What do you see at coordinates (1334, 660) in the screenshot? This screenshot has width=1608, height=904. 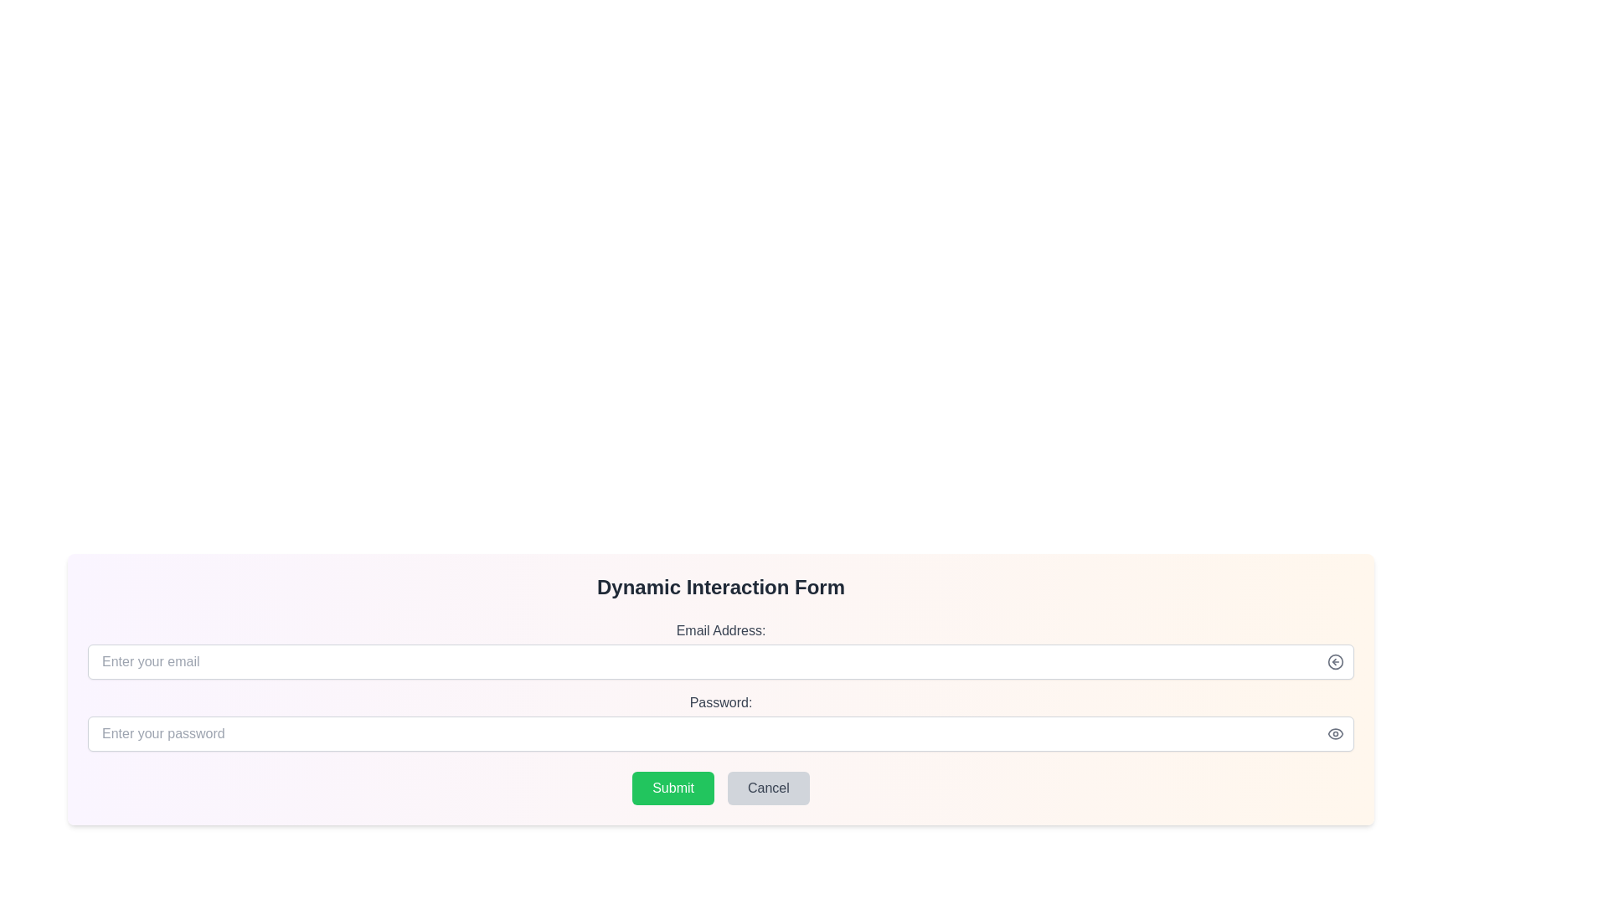 I see `the backtrack icon located on the right side of the email input field` at bounding box center [1334, 660].